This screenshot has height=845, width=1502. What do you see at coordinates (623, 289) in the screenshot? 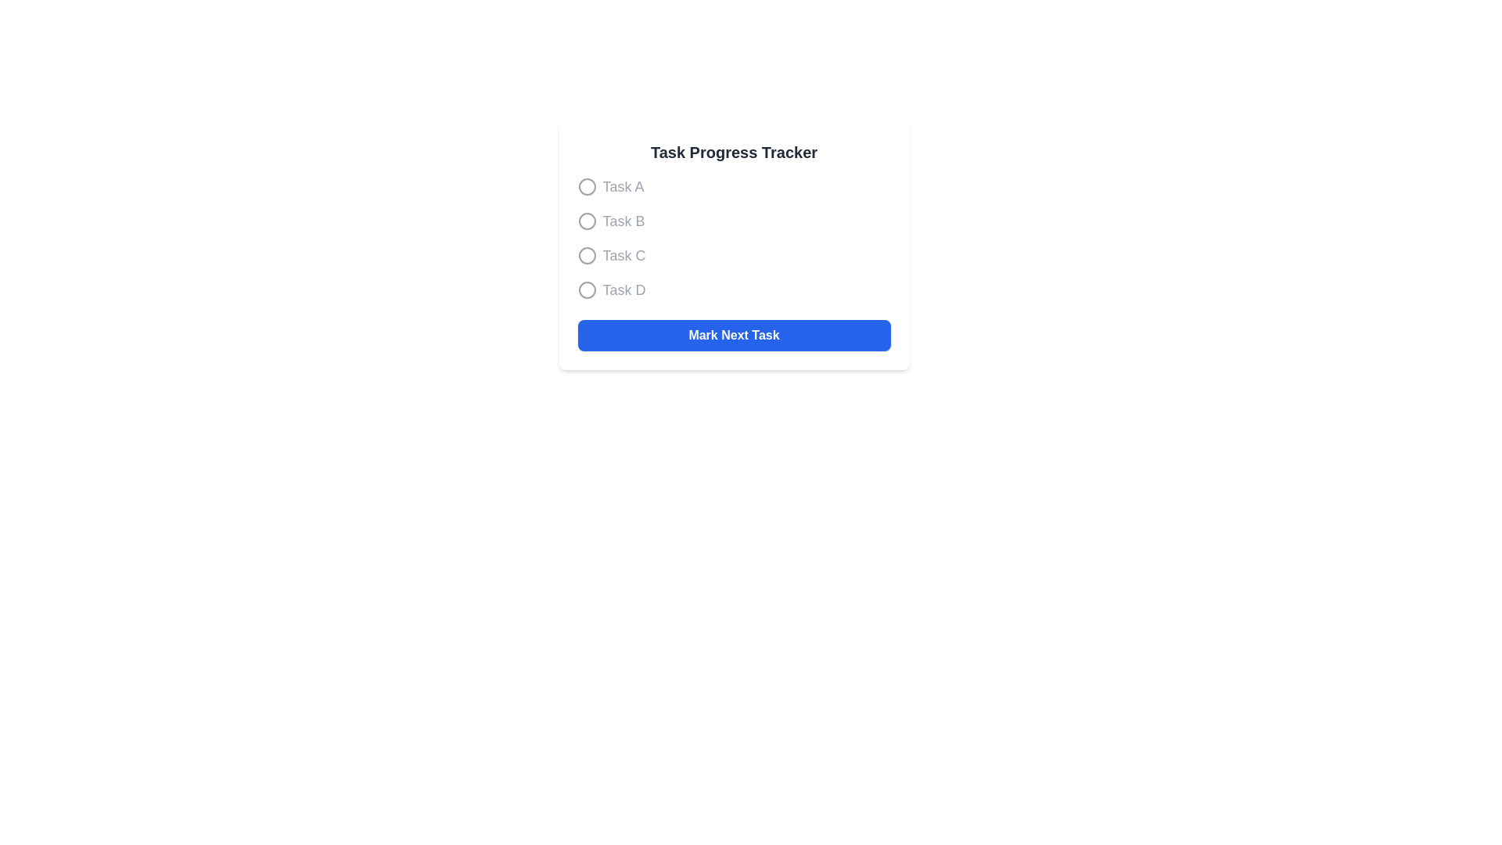
I see `the text label for the fourth task in the 'Task Progress Tracker' list, located to the right of the circular icon` at bounding box center [623, 289].